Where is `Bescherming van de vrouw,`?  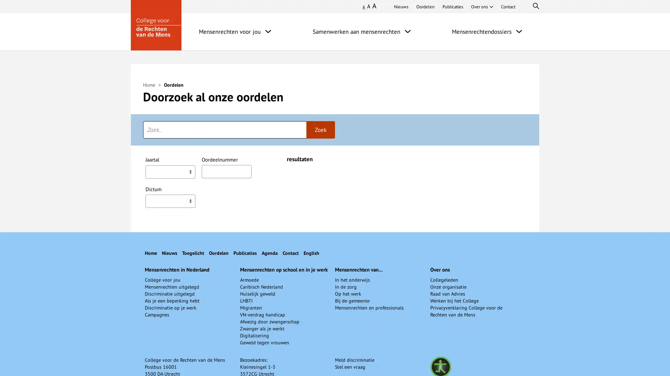 Bescherming van de vrouw, is located at coordinates (399, 204).